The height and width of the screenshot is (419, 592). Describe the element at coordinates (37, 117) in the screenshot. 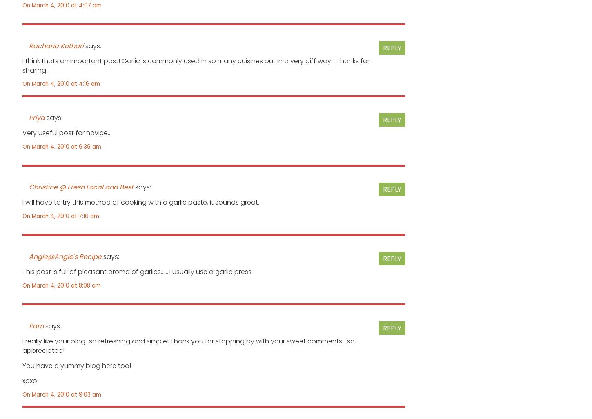

I see `'Priya'` at that location.